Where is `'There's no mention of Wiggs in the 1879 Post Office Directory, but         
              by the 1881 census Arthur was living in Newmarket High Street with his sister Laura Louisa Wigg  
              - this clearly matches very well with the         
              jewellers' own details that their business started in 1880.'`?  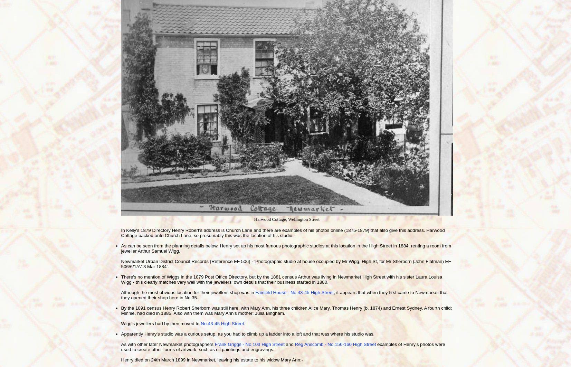
'There's no mention of Wiggs in the 1879 Post Office Directory, but         
              by the 1881 census Arthur was living in Newmarket High Street with his sister Laura Louisa Wigg  
              - this clearly matches very well with the         
              jewellers' own details that their business started in 1880.' is located at coordinates (281, 279).